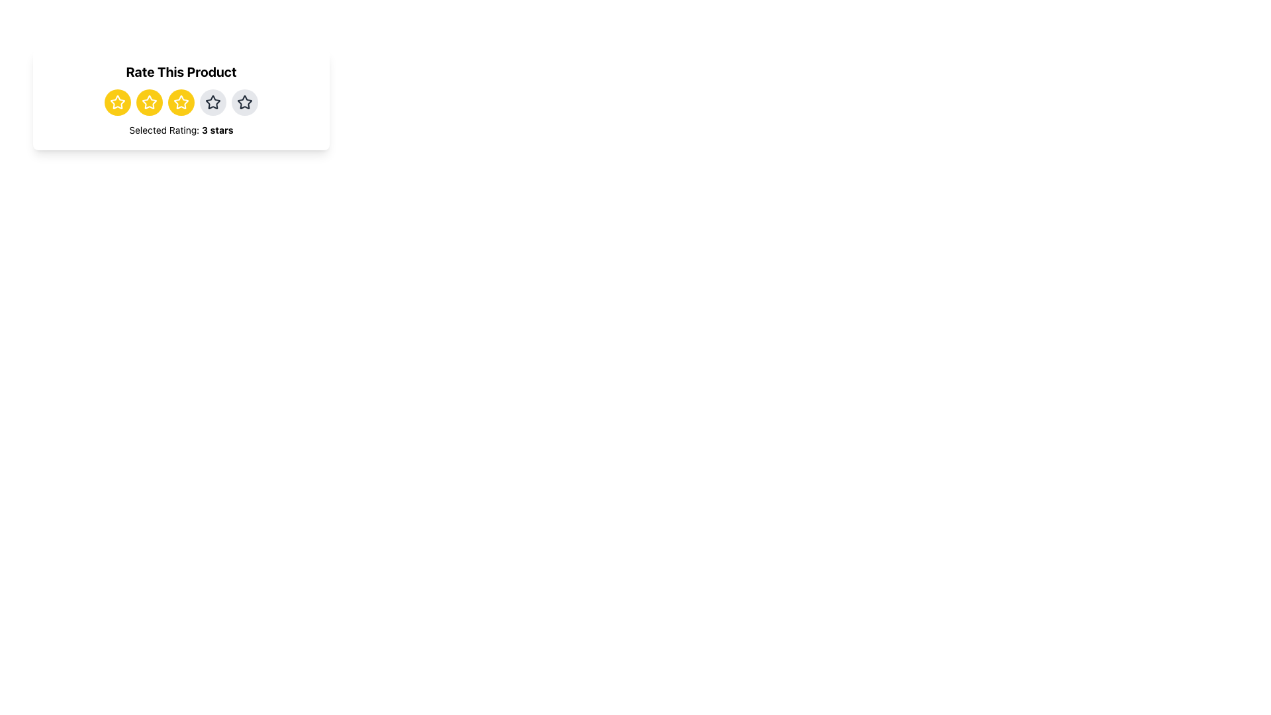 The image size is (1271, 715). I want to click on the third star icon in the rating system to highlight it, so click(149, 101).